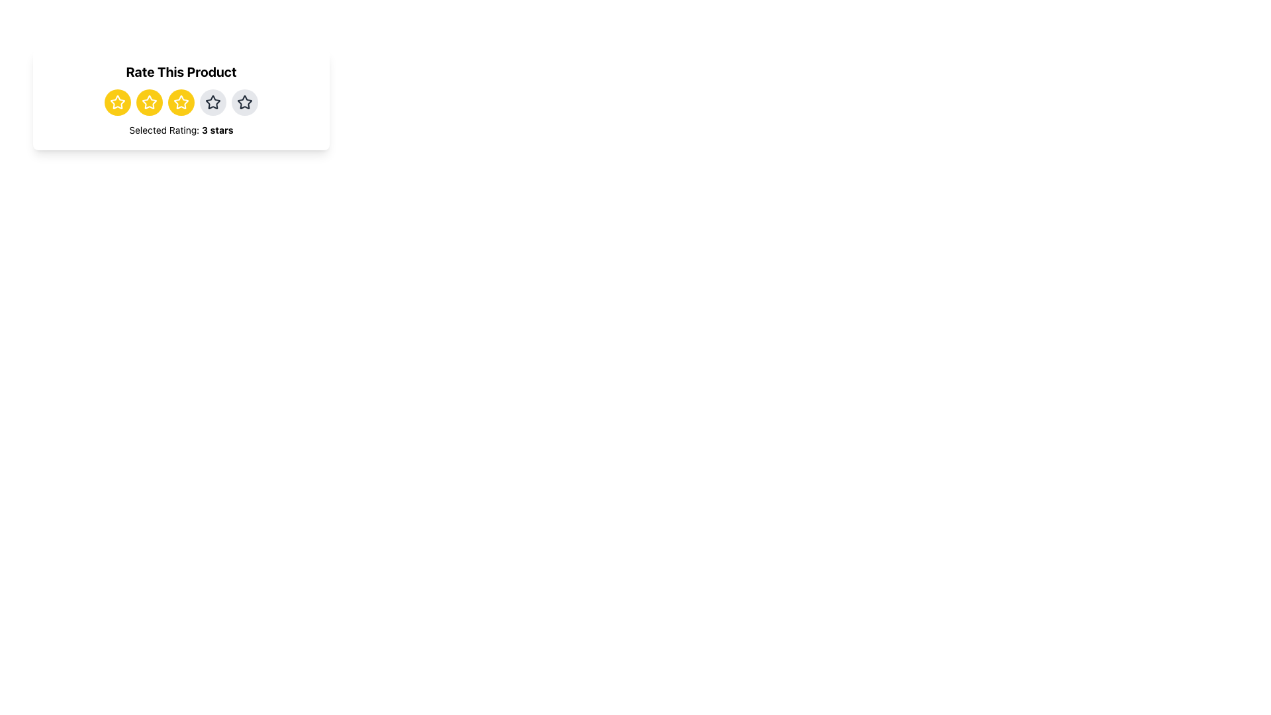 The image size is (1271, 715). I want to click on the third star icon in the rating system to highlight it, so click(149, 101).